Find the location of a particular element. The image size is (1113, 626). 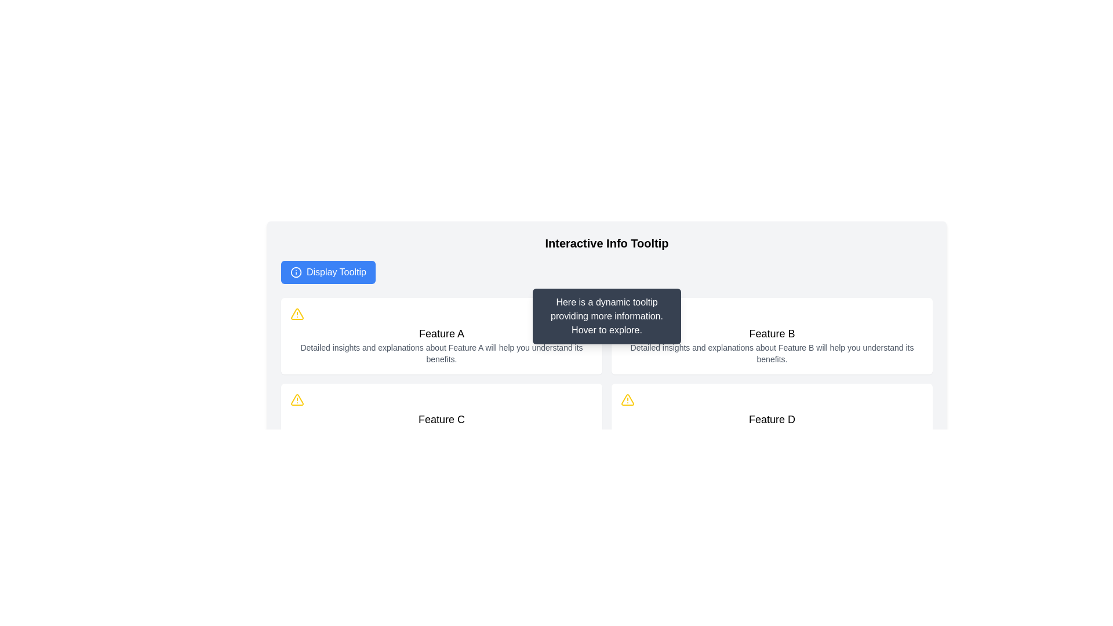

the text label displaying 'Feature C', which is bold and prominently styled, located in the third column of a grid layout under the header text 'Feature C' is located at coordinates (441, 420).